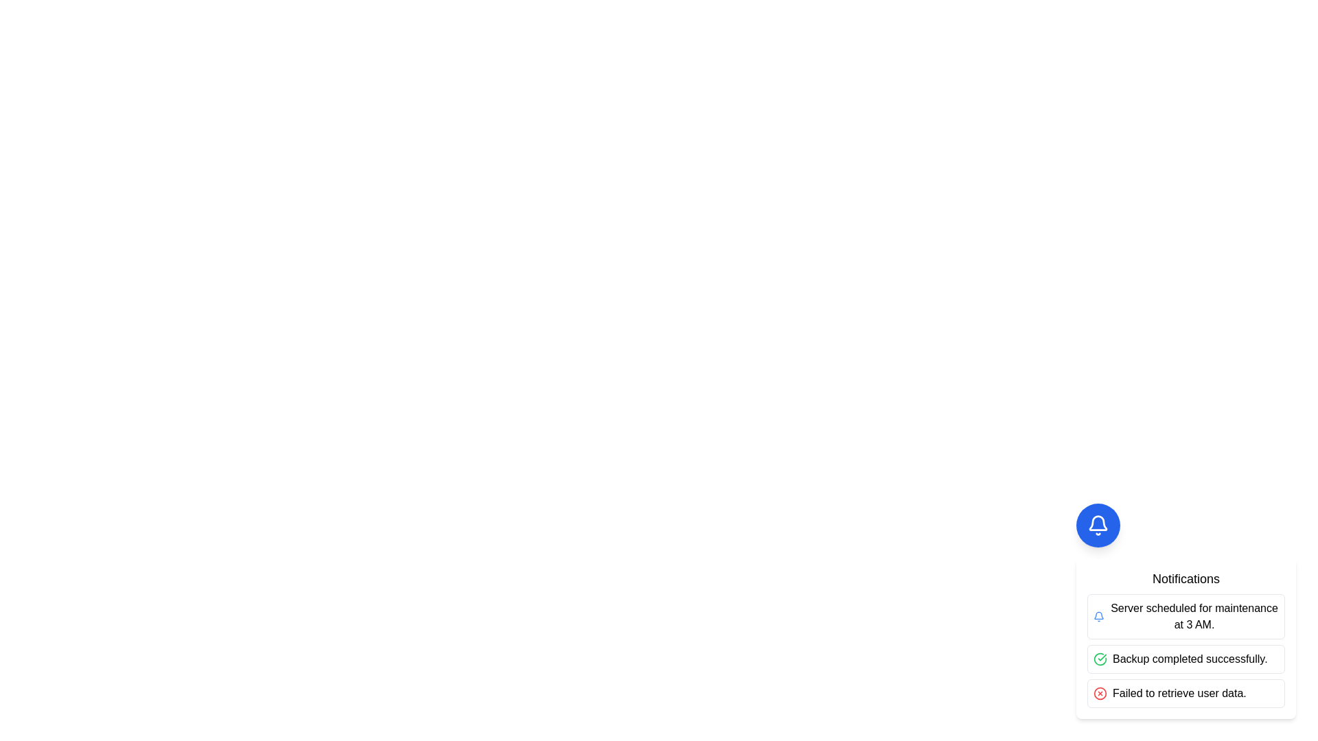 The width and height of the screenshot is (1318, 741). Describe the element at coordinates (1194, 615) in the screenshot. I see `notification that states 'Server scheduled for maintenance at 3 AM.' which is a black text on a white background, located below a blue bell icon` at that location.